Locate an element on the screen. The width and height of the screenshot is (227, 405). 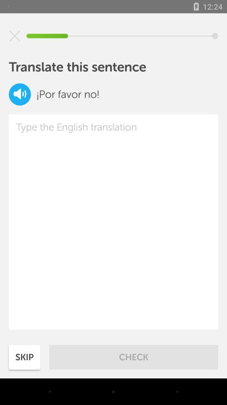
item to the left of the check item is located at coordinates (24, 356).